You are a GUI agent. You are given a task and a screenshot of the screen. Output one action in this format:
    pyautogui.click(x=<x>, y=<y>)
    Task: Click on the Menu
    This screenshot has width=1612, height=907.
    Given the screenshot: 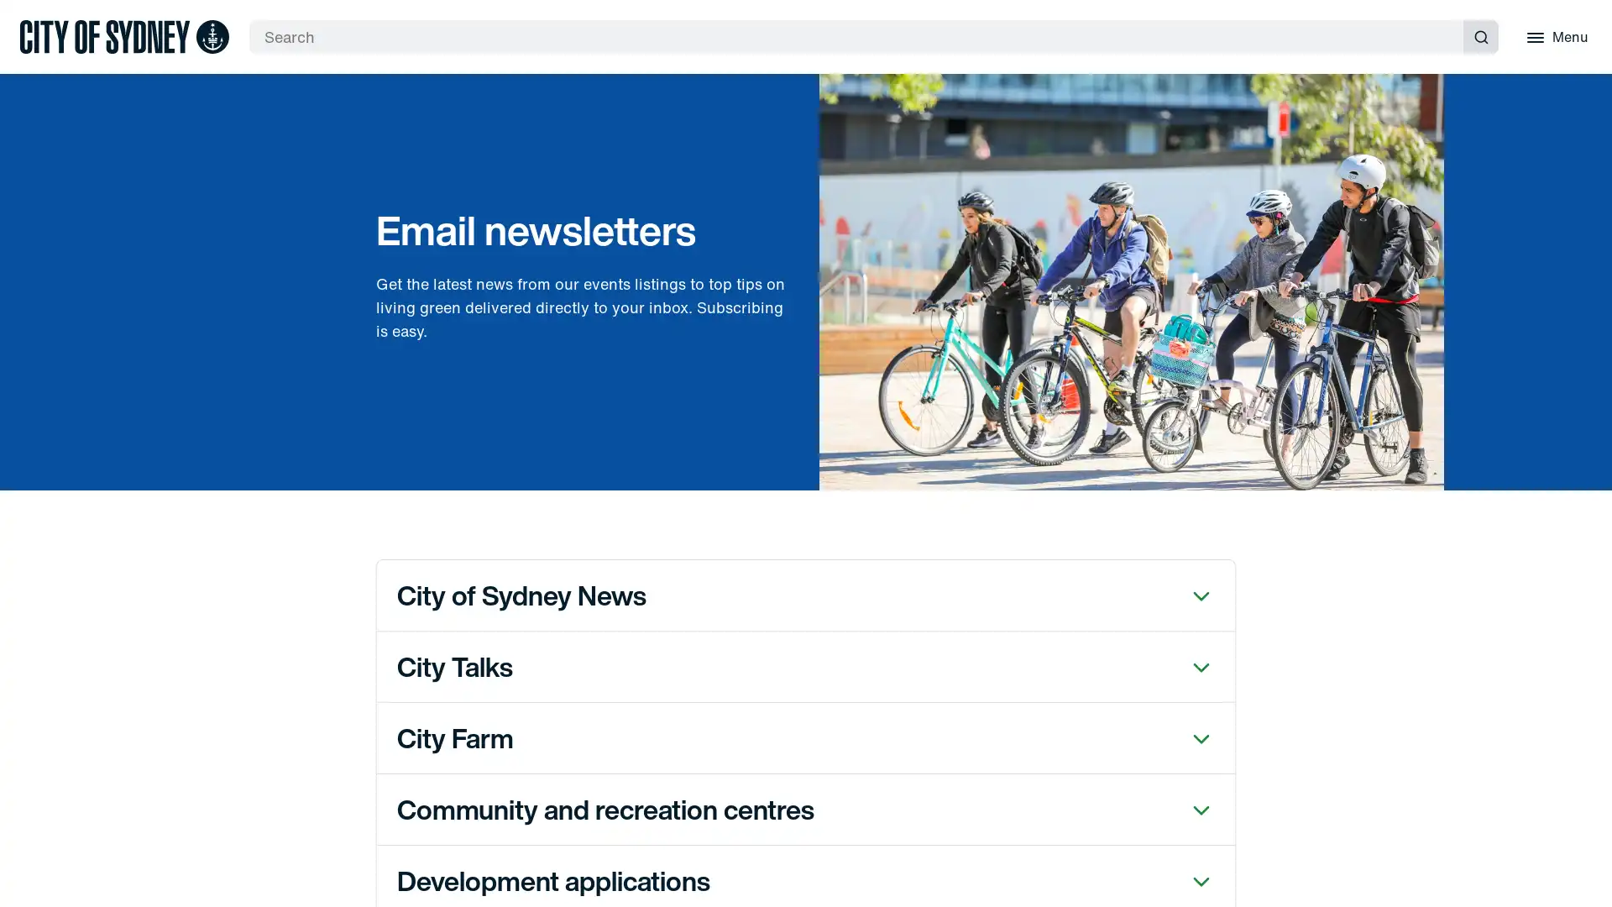 What is the action you would take?
    pyautogui.click(x=1554, y=36)
    